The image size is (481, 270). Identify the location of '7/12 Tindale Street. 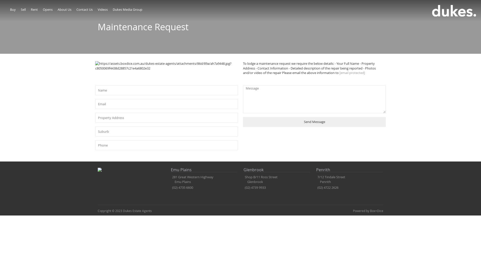
(331, 179).